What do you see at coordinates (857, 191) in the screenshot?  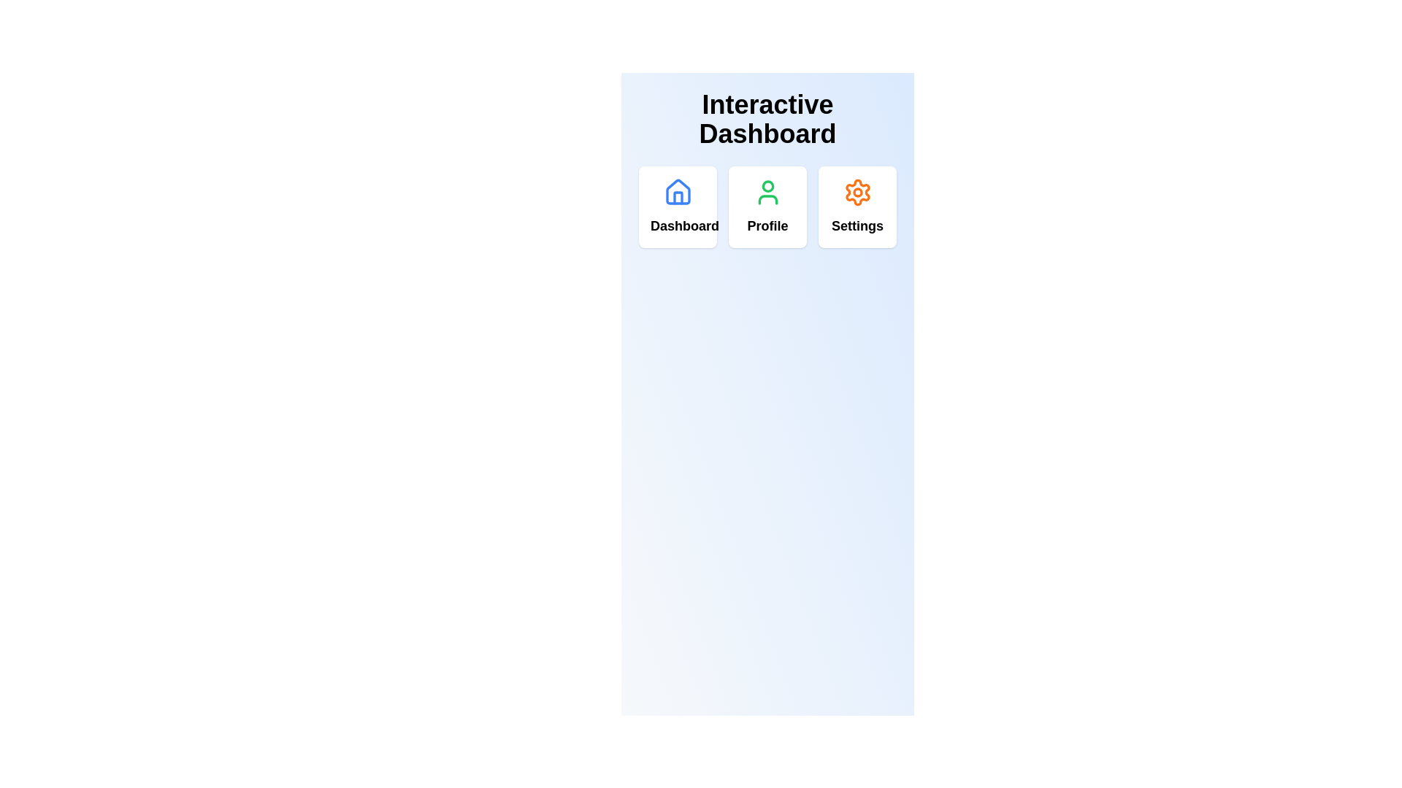 I see `the gear icon representing 'Settings' located at the top section of the third card below the 'Interactive Dashboard'` at bounding box center [857, 191].